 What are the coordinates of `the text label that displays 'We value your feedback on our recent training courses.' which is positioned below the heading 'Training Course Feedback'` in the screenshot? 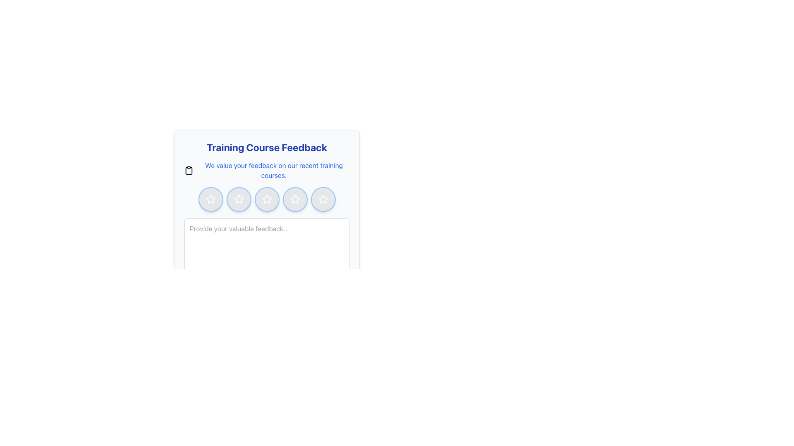 It's located at (267, 170).